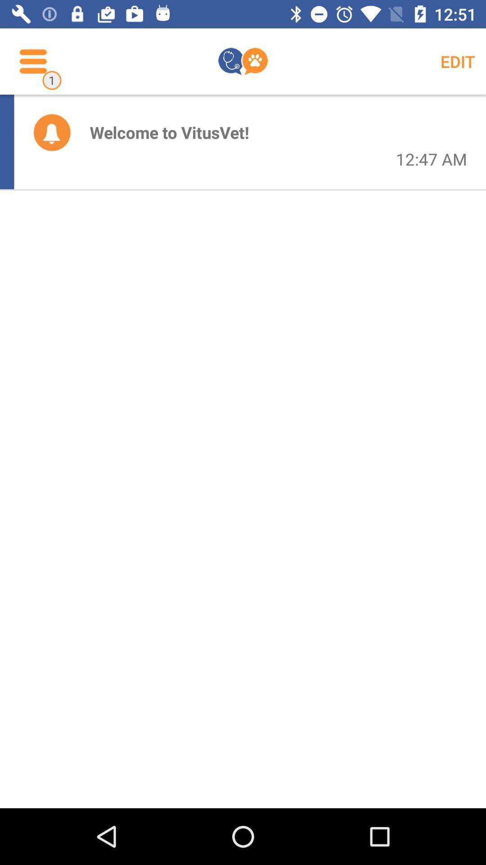 This screenshot has width=486, height=865. Describe the element at coordinates (458, 61) in the screenshot. I see `the edit icon` at that location.